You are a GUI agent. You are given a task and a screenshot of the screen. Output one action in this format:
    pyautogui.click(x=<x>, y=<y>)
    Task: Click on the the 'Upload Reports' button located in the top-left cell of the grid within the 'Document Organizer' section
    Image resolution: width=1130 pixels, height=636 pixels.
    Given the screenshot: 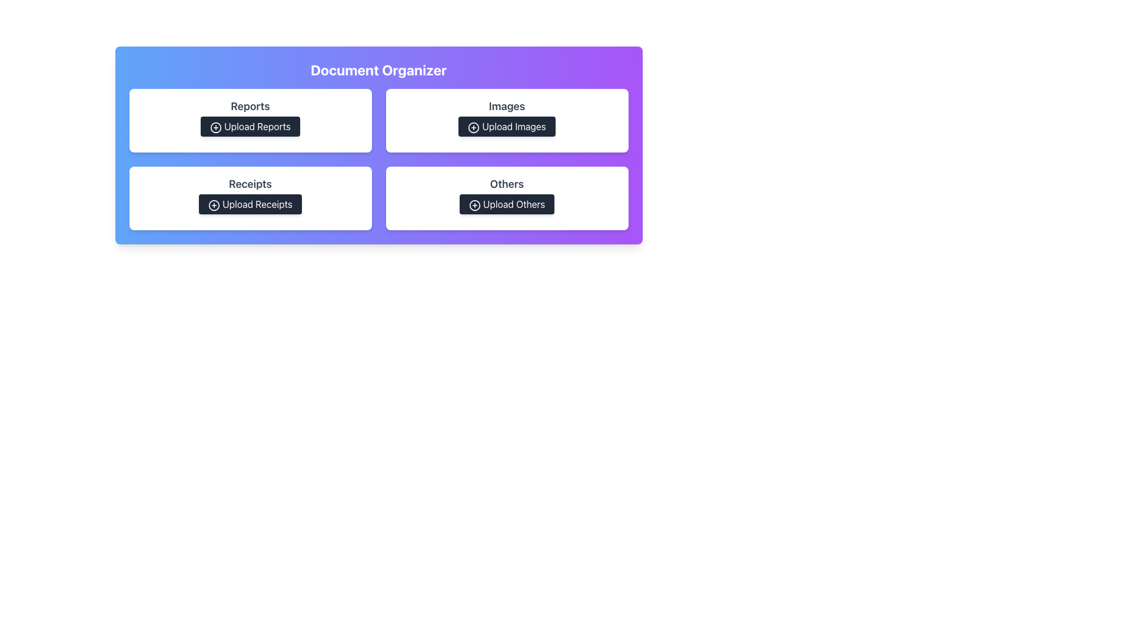 What is the action you would take?
    pyautogui.click(x=250, y=120)
    